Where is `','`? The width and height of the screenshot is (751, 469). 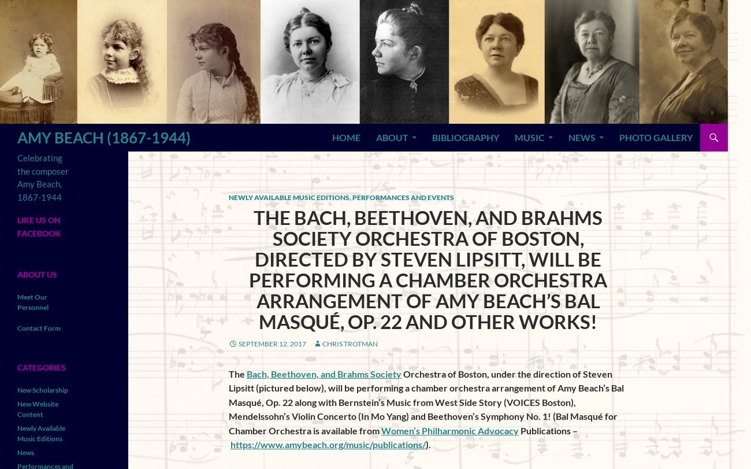
',' is located at coordinates (350, 197).